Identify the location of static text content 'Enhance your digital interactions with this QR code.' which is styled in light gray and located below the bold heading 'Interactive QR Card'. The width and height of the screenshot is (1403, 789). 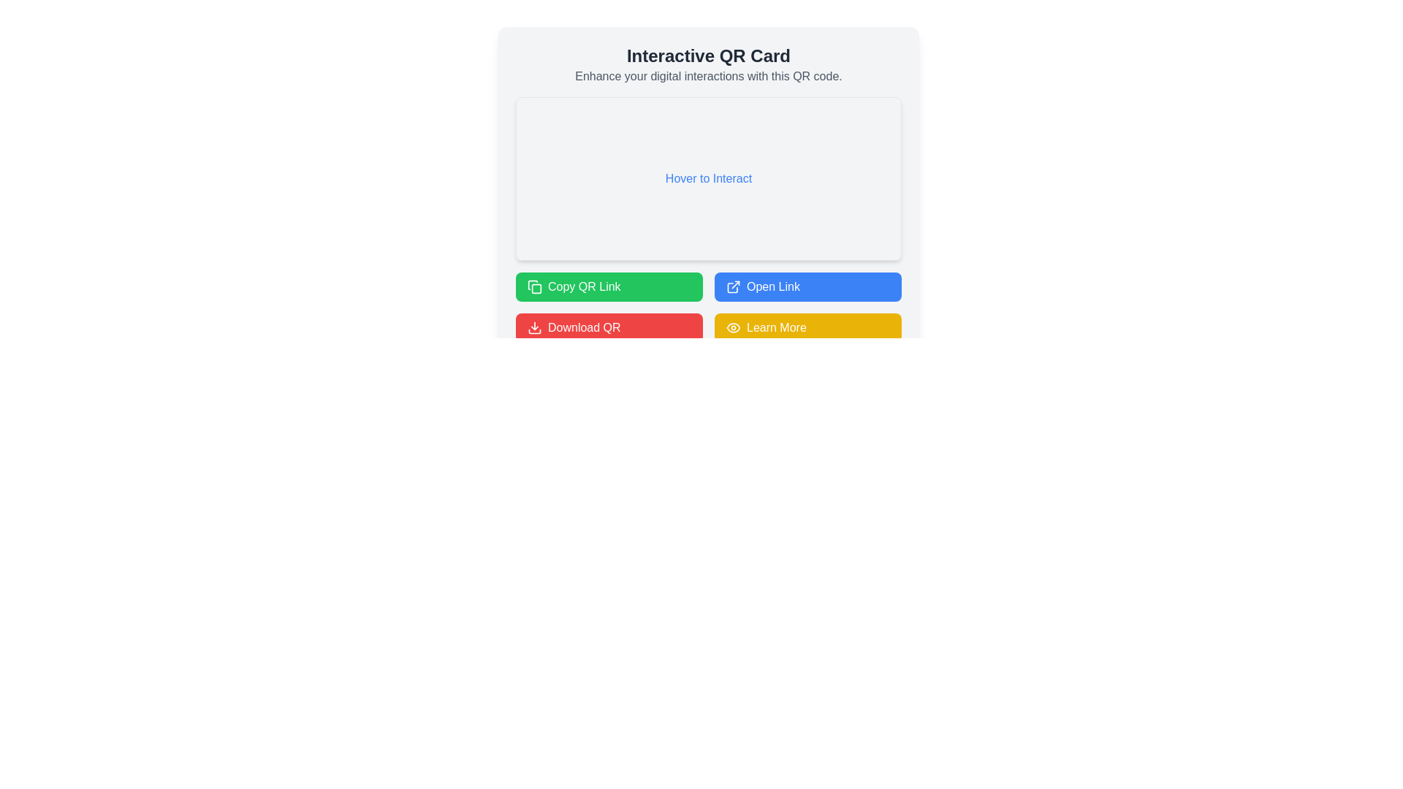
(708, 76).